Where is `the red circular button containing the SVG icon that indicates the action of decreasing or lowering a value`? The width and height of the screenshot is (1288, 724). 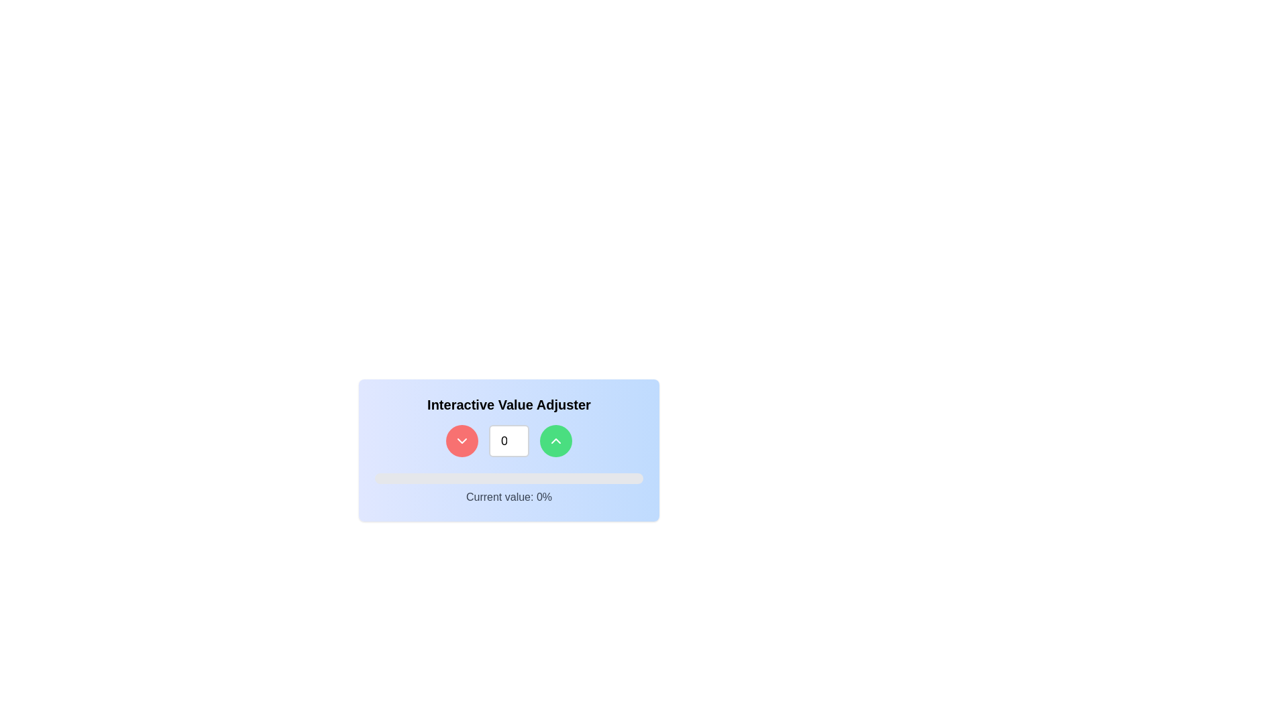 the red circular button containing the SVG icon that indicates the action of decreasing or lowering a value is located at coordinates (462, 441).